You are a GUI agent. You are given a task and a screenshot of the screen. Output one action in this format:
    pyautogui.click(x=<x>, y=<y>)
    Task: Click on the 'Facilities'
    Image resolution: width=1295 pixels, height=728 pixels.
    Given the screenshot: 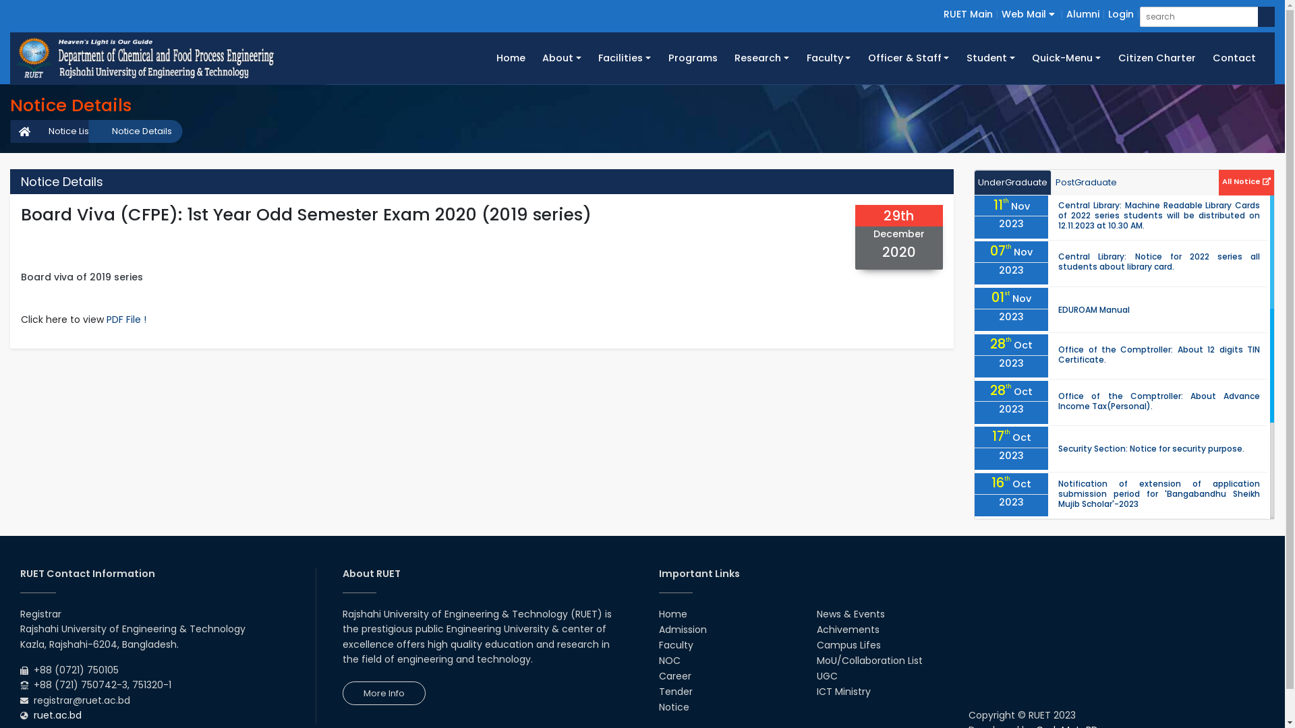 What is the action you would take?
    pyautogui.click(x=624, y=57)
    